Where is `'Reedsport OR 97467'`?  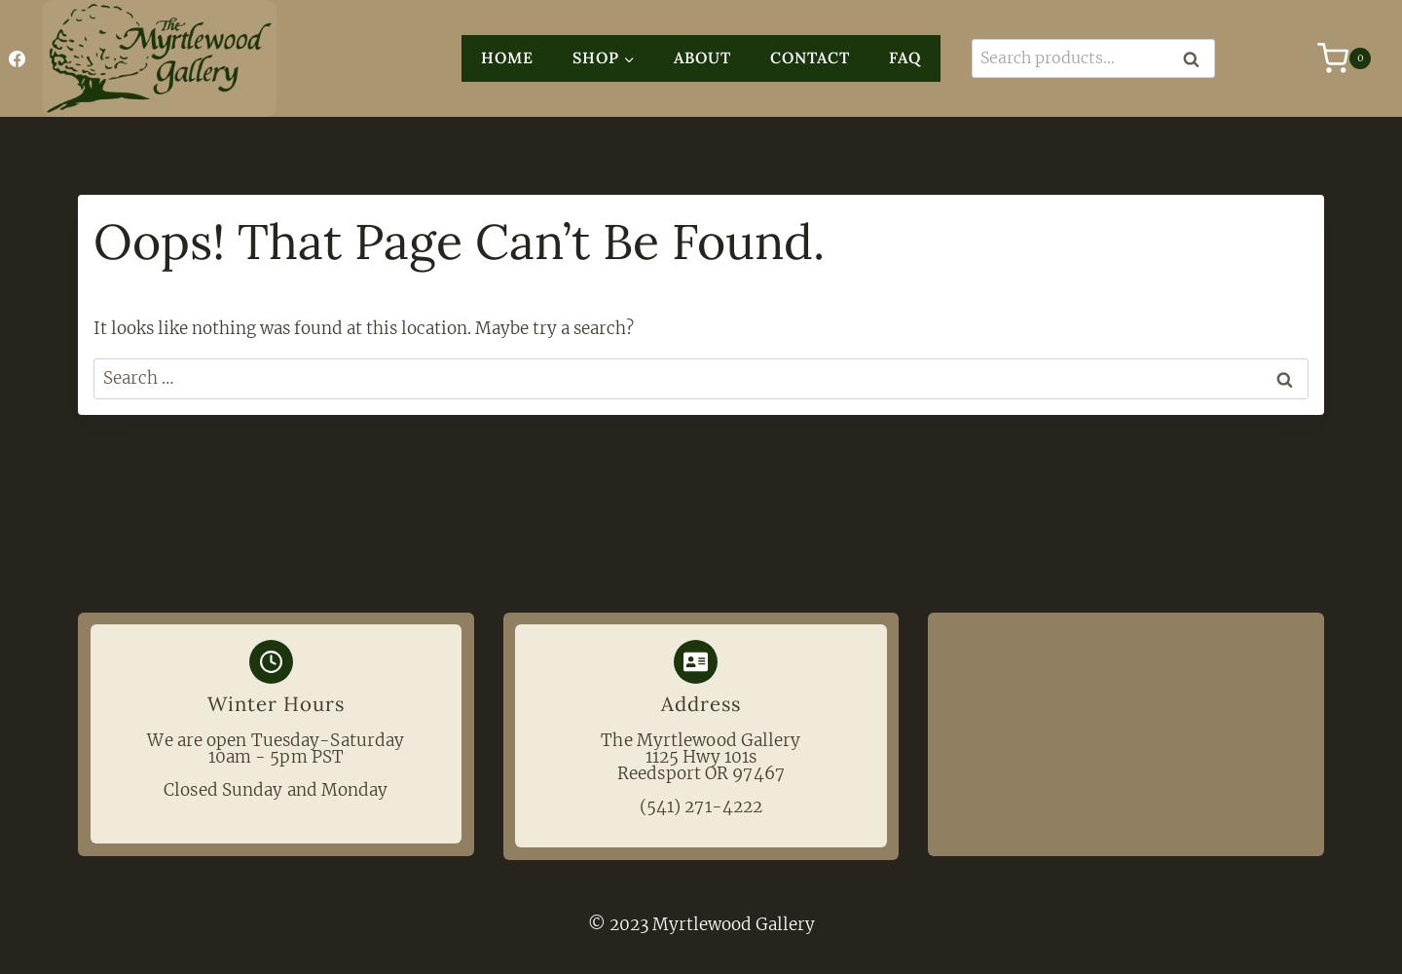 'Reedsport OR 97467' is located at coordinates (700, 773).